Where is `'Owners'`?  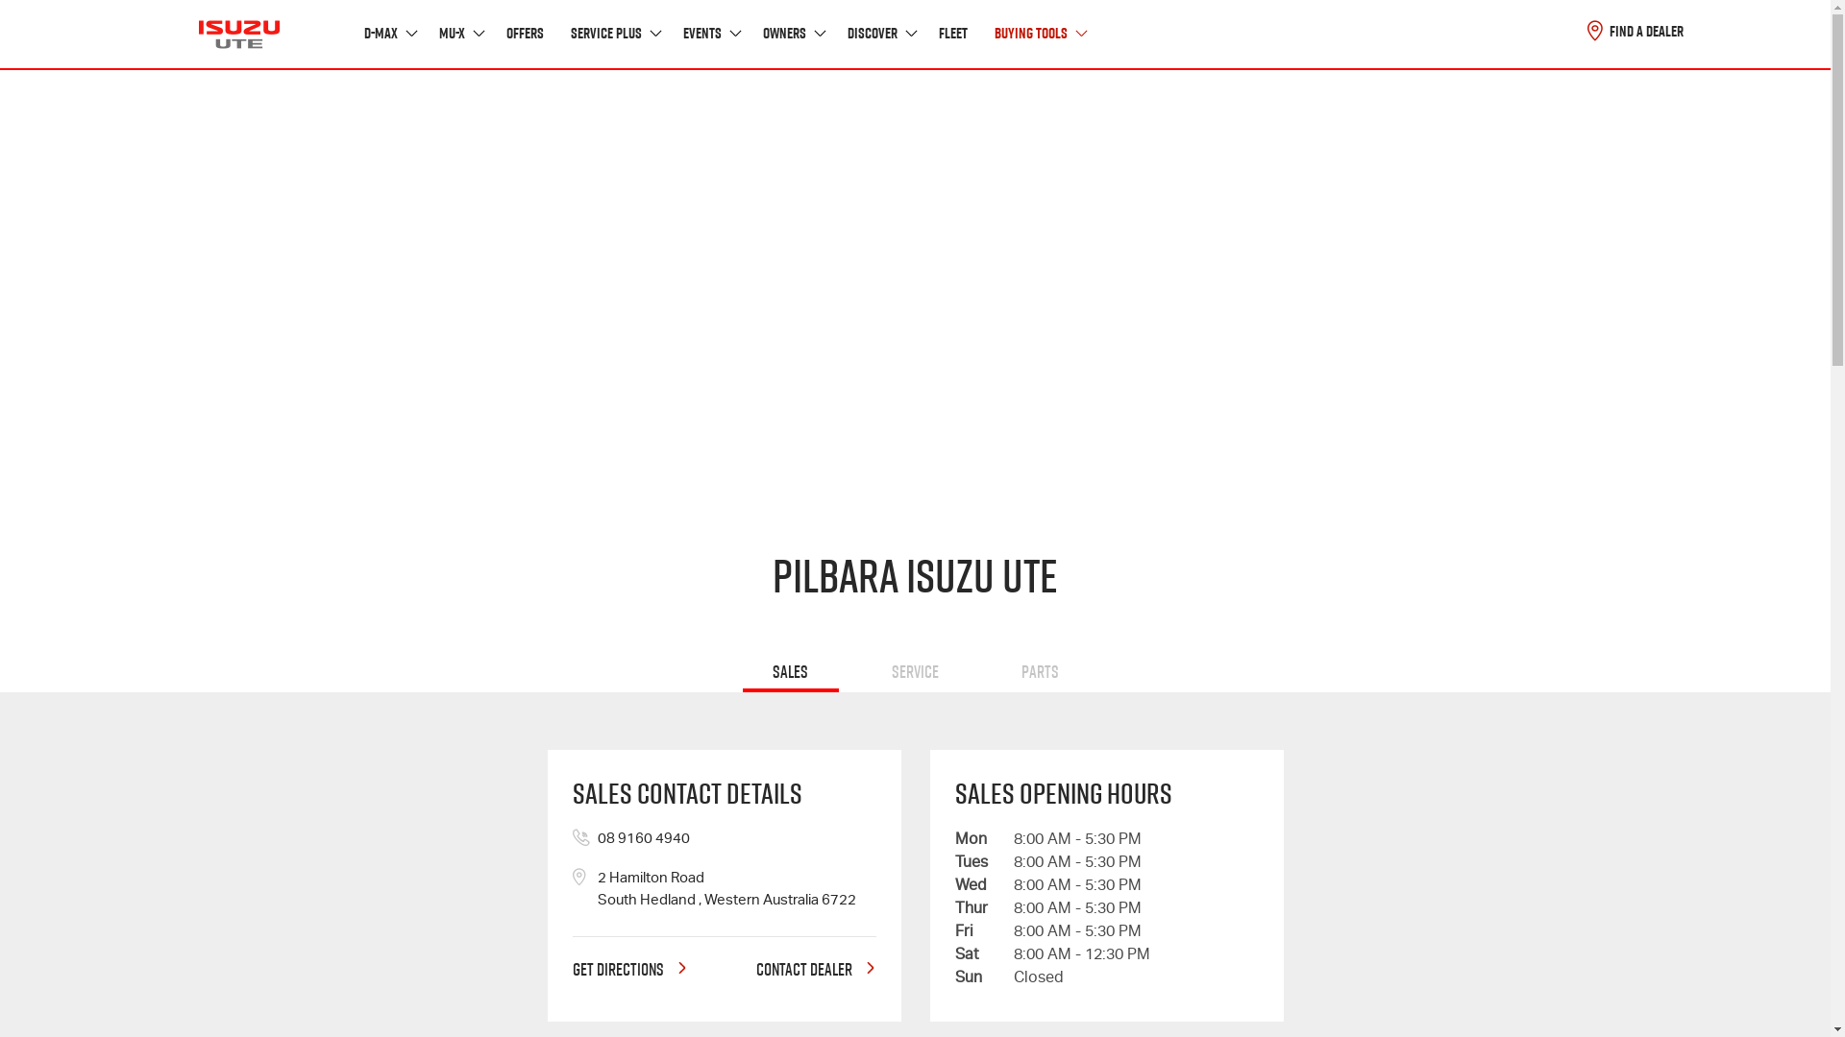 'Owners' is located at coordinates (793, 34).